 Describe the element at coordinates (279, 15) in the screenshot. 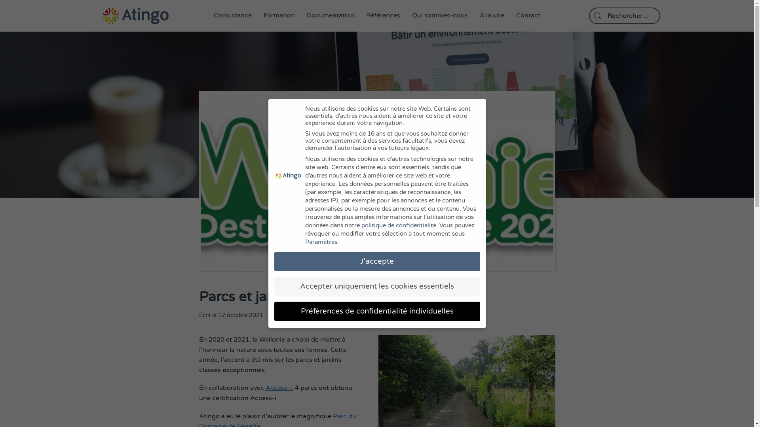

I see `'Formation'` at that location.